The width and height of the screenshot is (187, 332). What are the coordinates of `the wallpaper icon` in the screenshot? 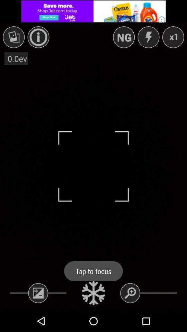 It's located at (14, 37).